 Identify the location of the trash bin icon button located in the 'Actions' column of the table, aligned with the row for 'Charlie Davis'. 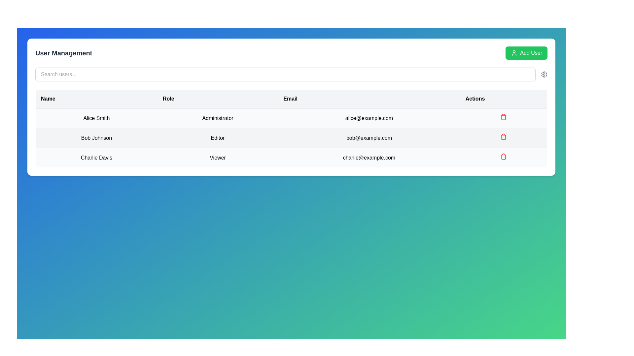
(503, 158).